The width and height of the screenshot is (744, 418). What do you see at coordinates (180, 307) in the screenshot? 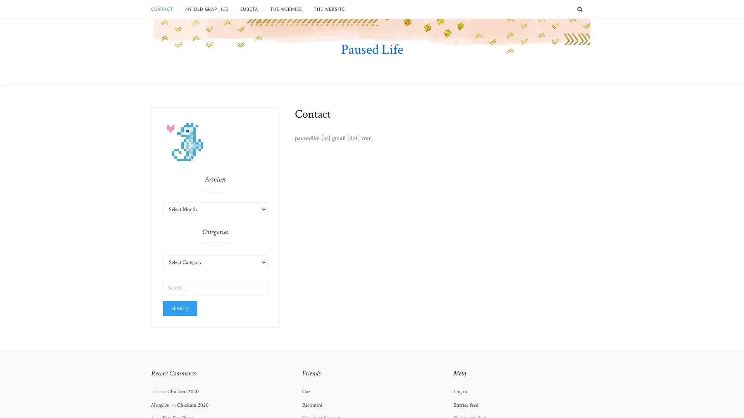
I see `Search` at bounding box center [180, 307].